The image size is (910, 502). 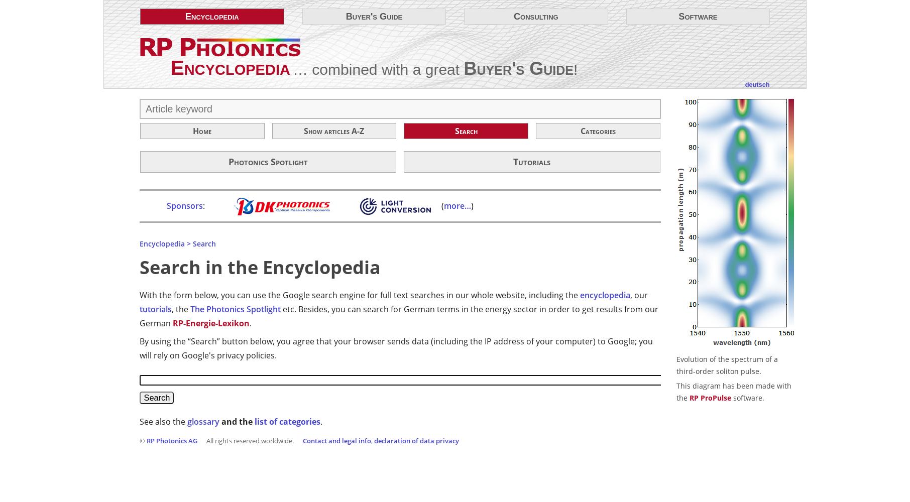 I want to click on 'Photonics Spotlight', so click(x=268, y=161).